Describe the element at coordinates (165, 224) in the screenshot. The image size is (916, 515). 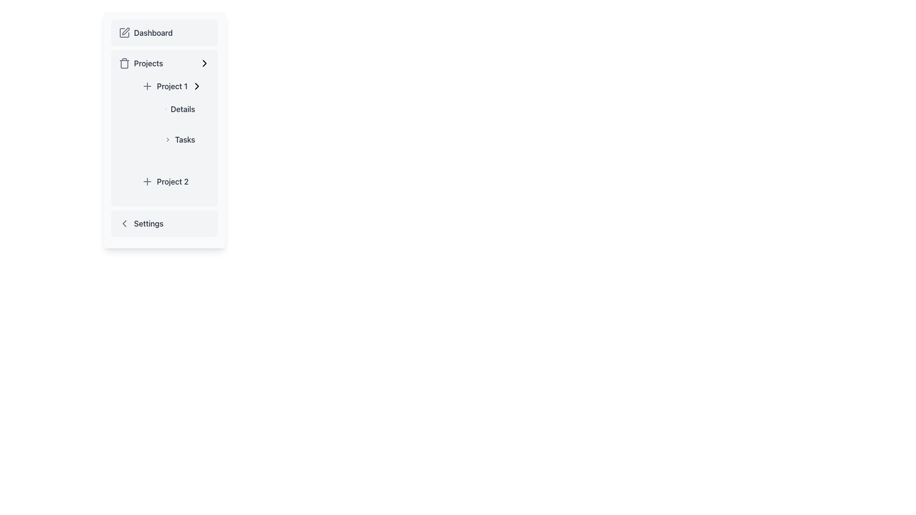
I see `the 'Settings' button with a light gray background and rounded corners, located at the bottom of the vertical navigation panel` at that location.